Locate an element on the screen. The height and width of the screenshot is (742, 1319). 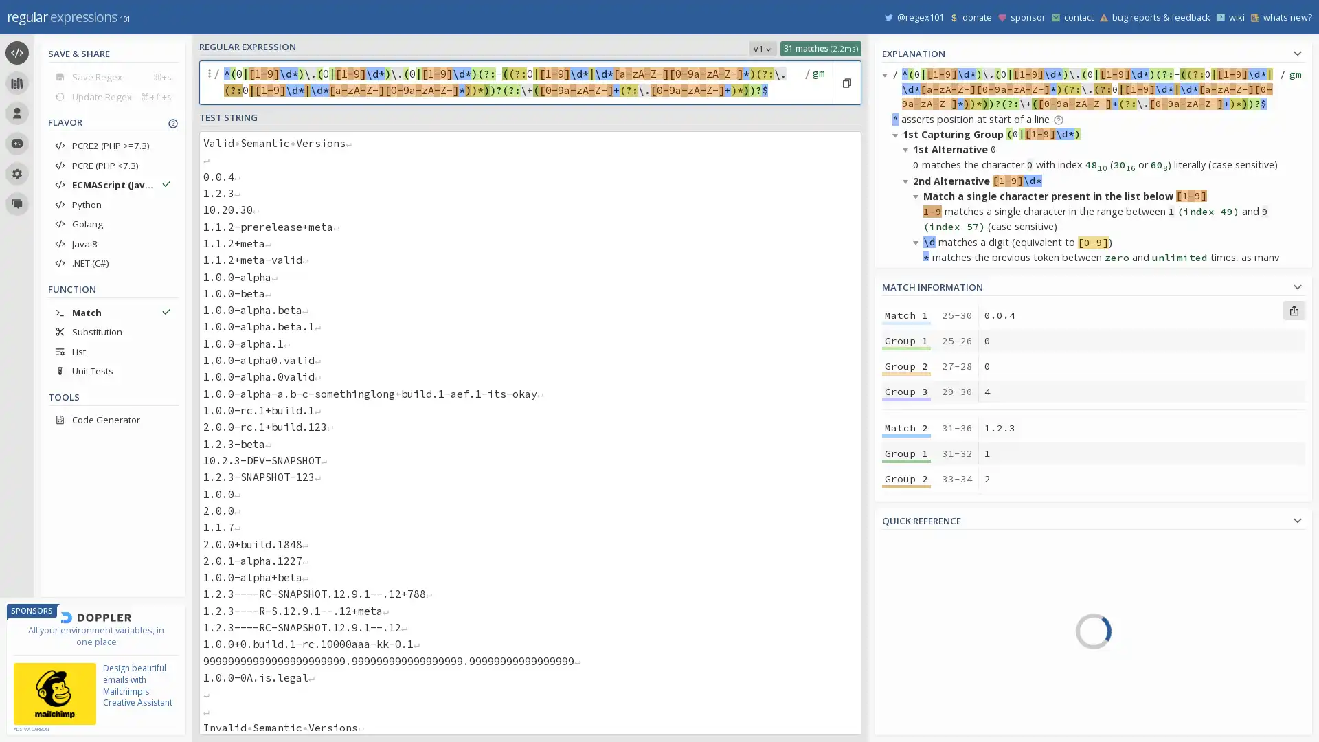
A character except: a, b or c [^abc] is located at coordinates (1162, 563).